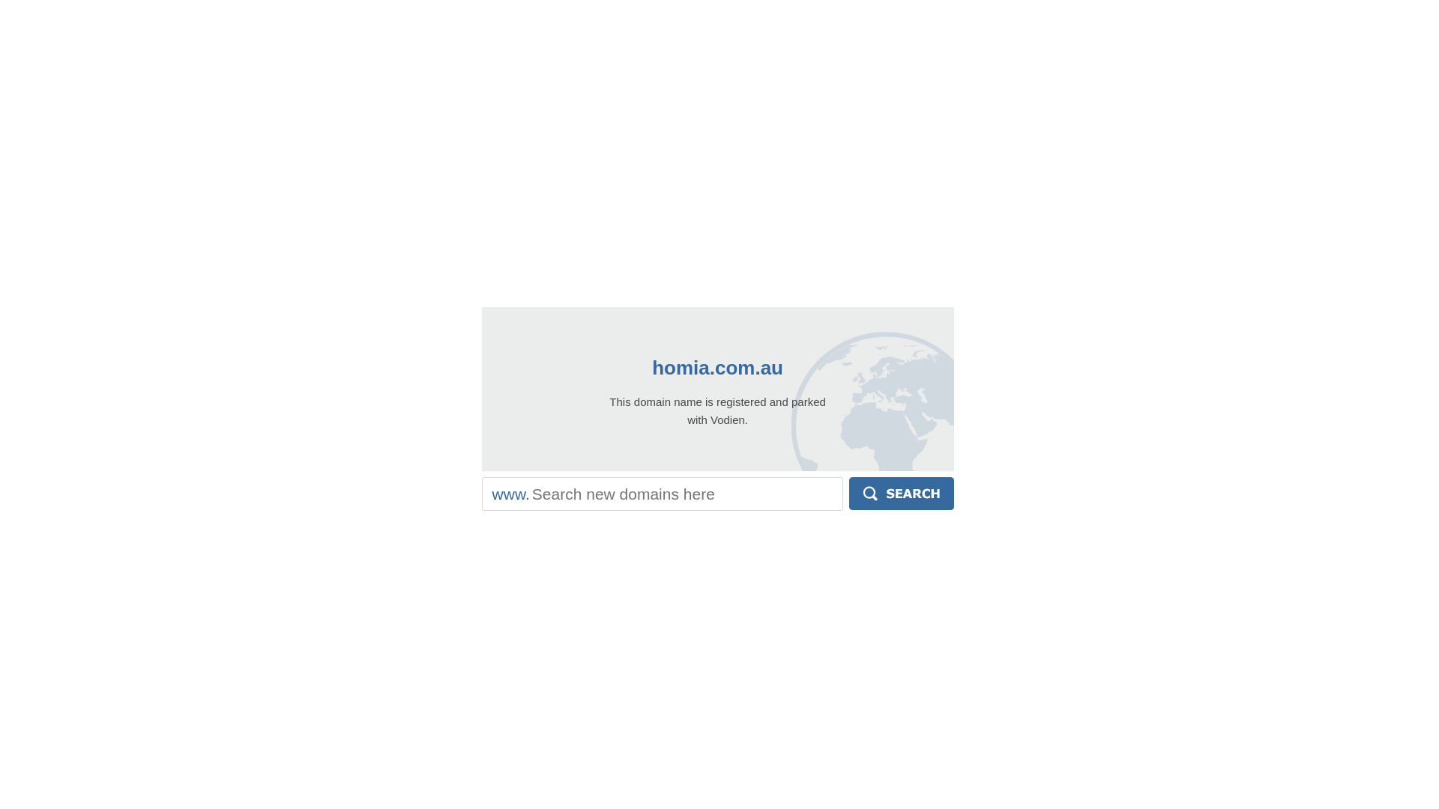  Describe the element at coordinates (901, 494) in the screenshot. I see `'Search'` at that location.